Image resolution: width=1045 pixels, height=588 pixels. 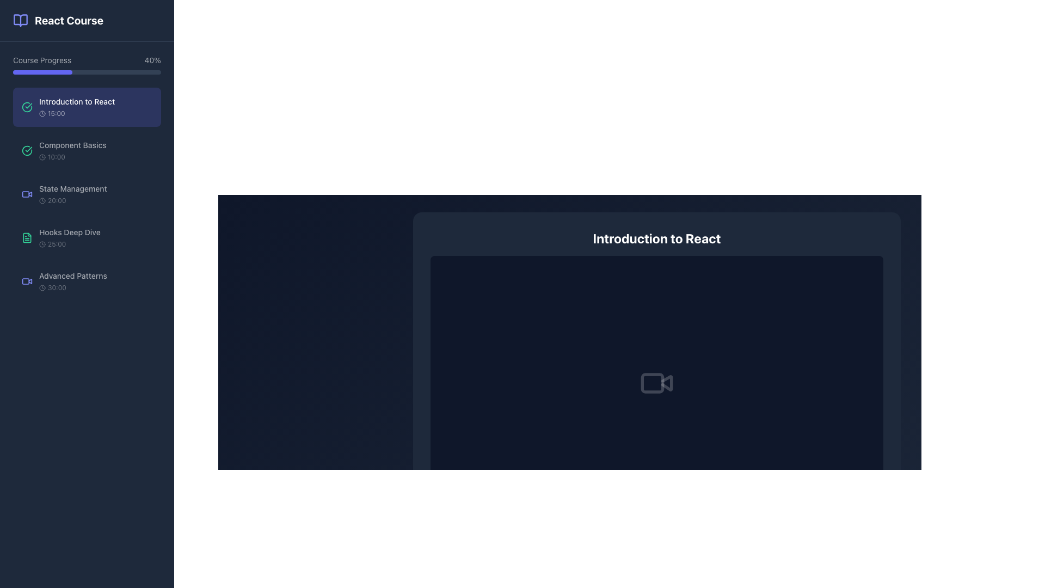 I want to click on the outer circle of the clock icon located in the sidebar, which visually supports the indication of time or duration, so click(x=42, y=287).